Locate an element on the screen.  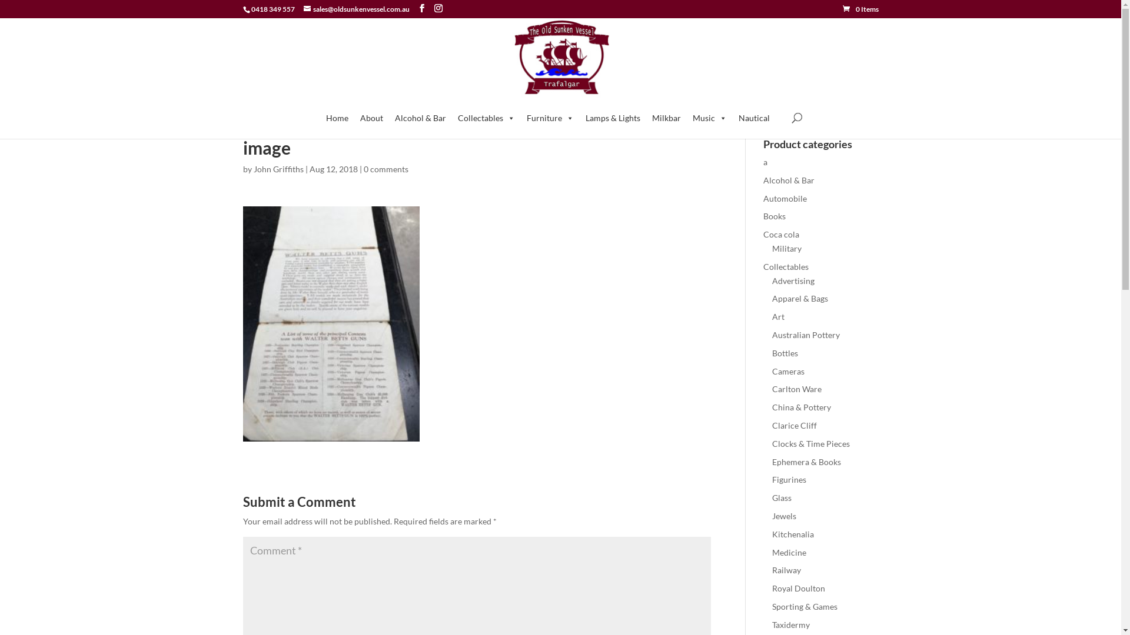
'Books' is located at coordinates (774, 216).